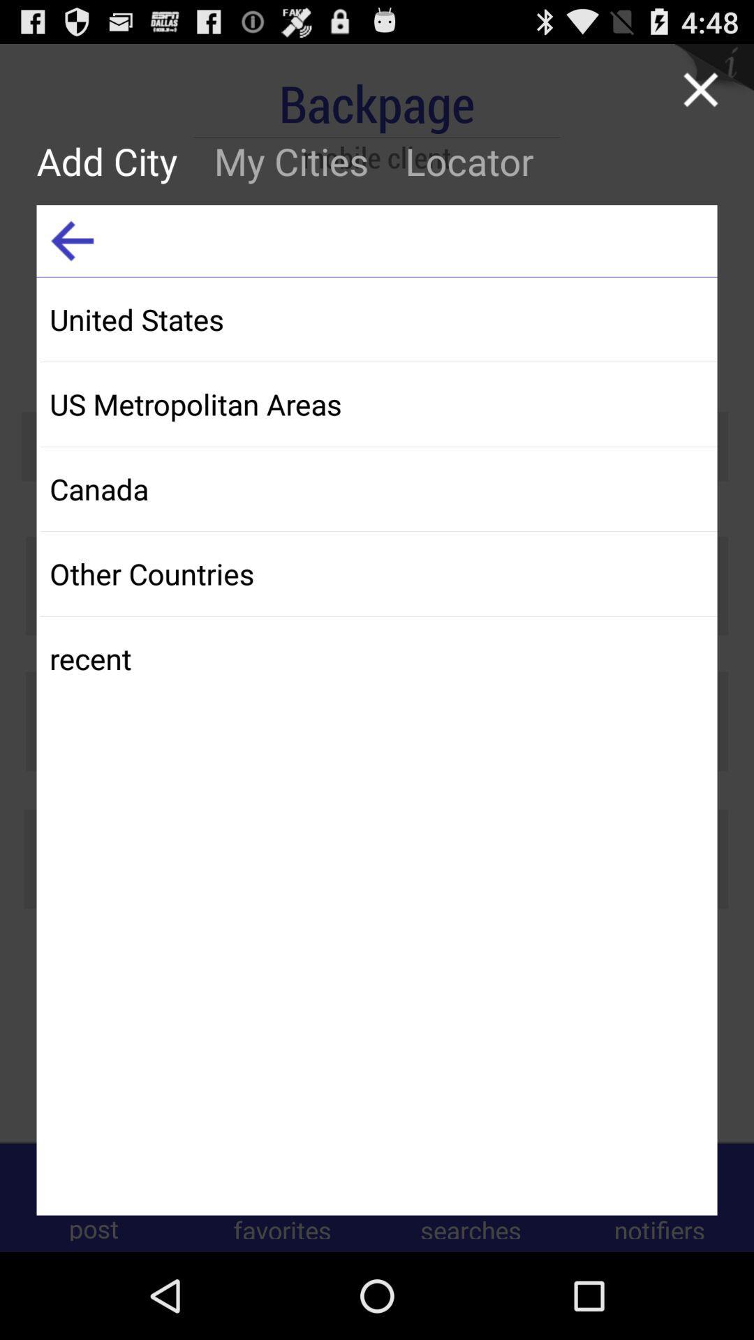  What do you see at coordinates (378, 489) in the screenshot?
I see `the canada icon` at bounding box center [378, 489].